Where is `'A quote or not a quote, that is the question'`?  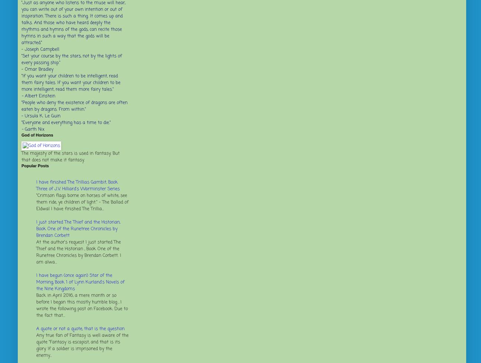 'A quote or not a quote, that is the question' is located at coordinates (80, 329).